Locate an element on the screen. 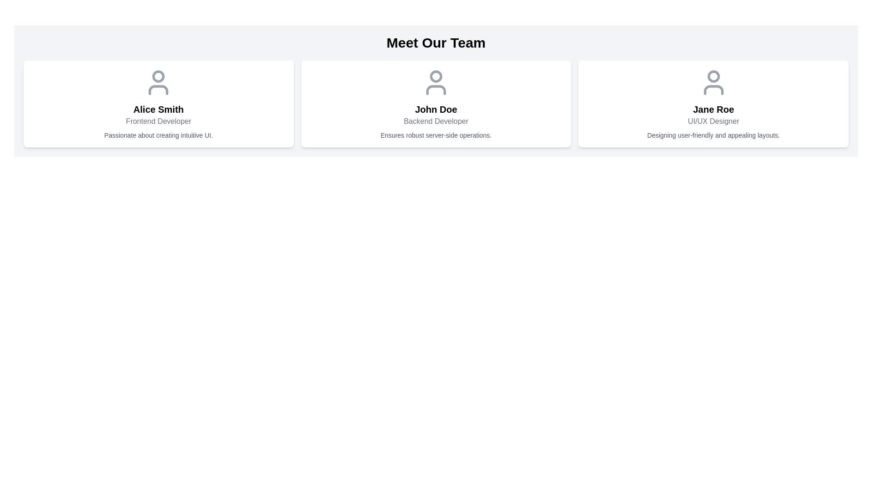 The height and width of the screenshot is (499, 887). the user profile icon of 'Jane Roe', which is a large circular avatar image with a gray color tone, located in the upper center region of her card is located at coordinates (713, 82).